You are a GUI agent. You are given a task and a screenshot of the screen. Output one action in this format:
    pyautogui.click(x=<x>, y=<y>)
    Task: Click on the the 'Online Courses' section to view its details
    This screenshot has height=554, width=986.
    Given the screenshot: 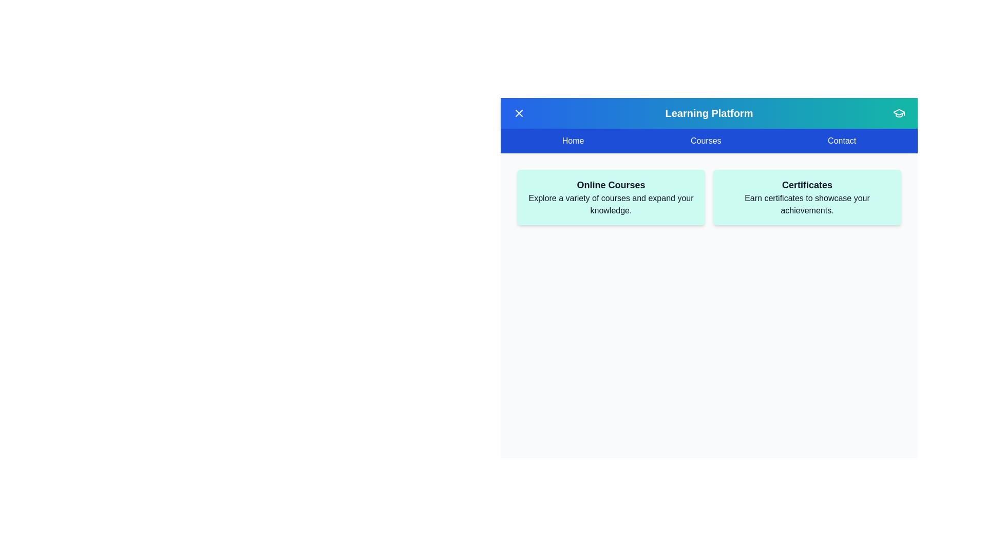 What is the action you would take?
    pyautogui.click(x=611, y=185)
    